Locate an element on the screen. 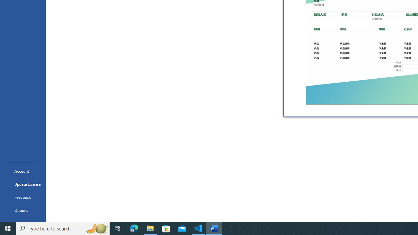 This screenshot has height=235, width=418. 'Task View' is located at coordinates (117, 228).